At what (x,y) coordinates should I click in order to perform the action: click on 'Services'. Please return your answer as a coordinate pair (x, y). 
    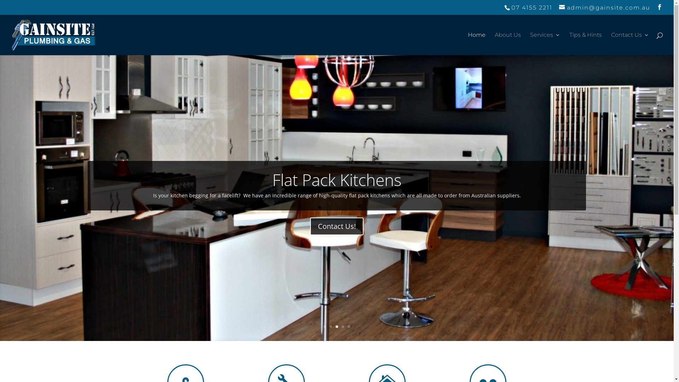
    Looking at the image, I should click on (545, 44).